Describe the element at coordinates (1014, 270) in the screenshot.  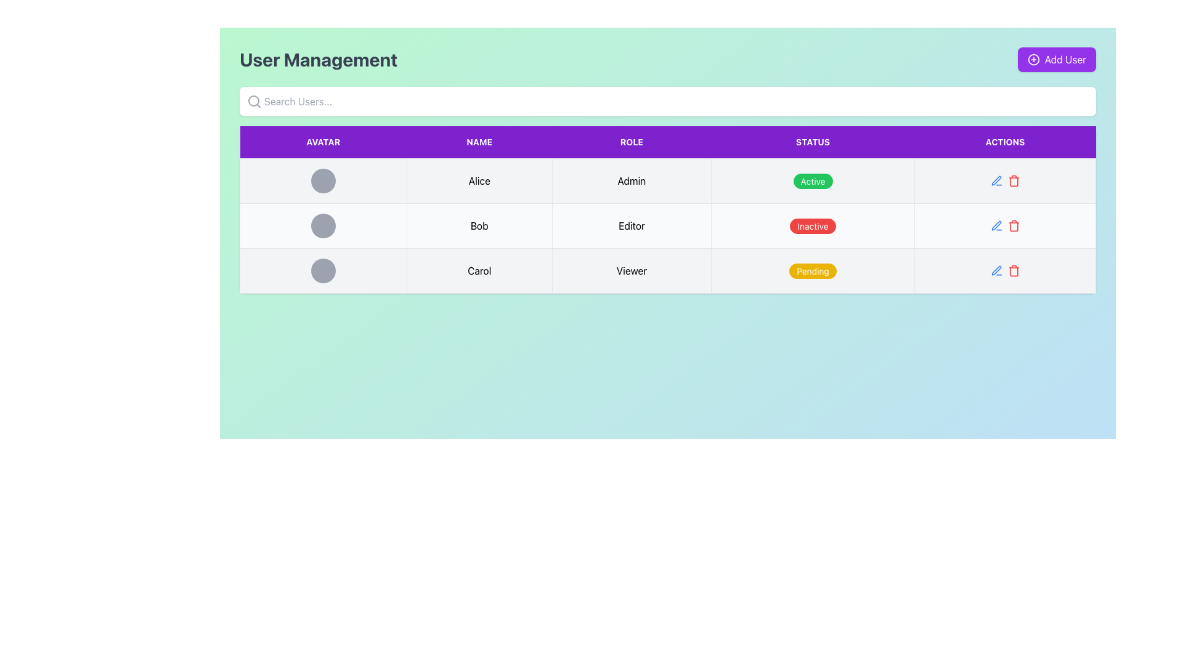
I see `the red trash can icon in the user management table's 'Actions' column to trigger the color change indicating interactivity` at that location.